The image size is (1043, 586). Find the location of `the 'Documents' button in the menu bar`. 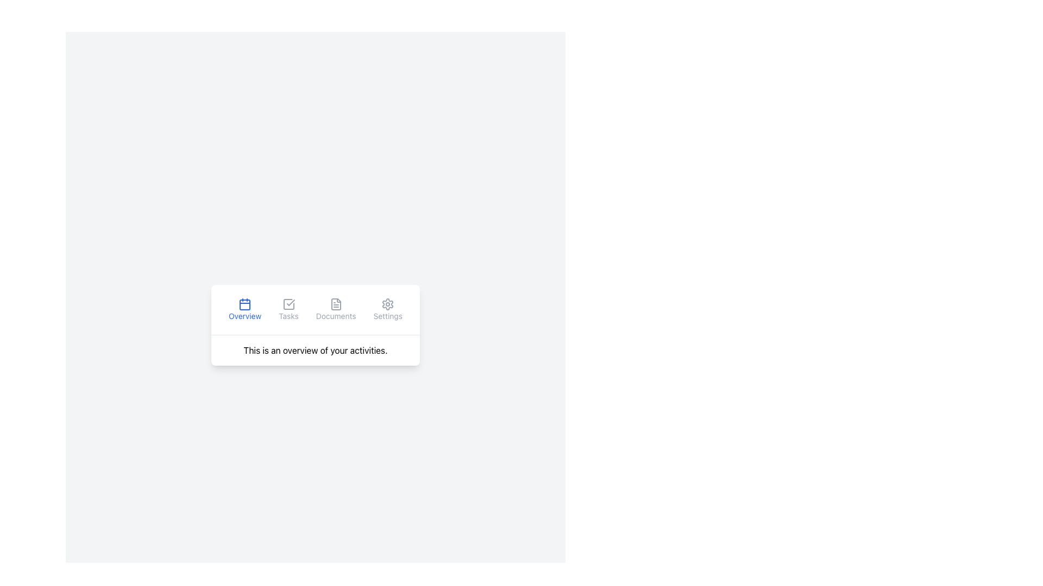

the 'Documents' button in the menu bar is located at coordinates (335, 316).